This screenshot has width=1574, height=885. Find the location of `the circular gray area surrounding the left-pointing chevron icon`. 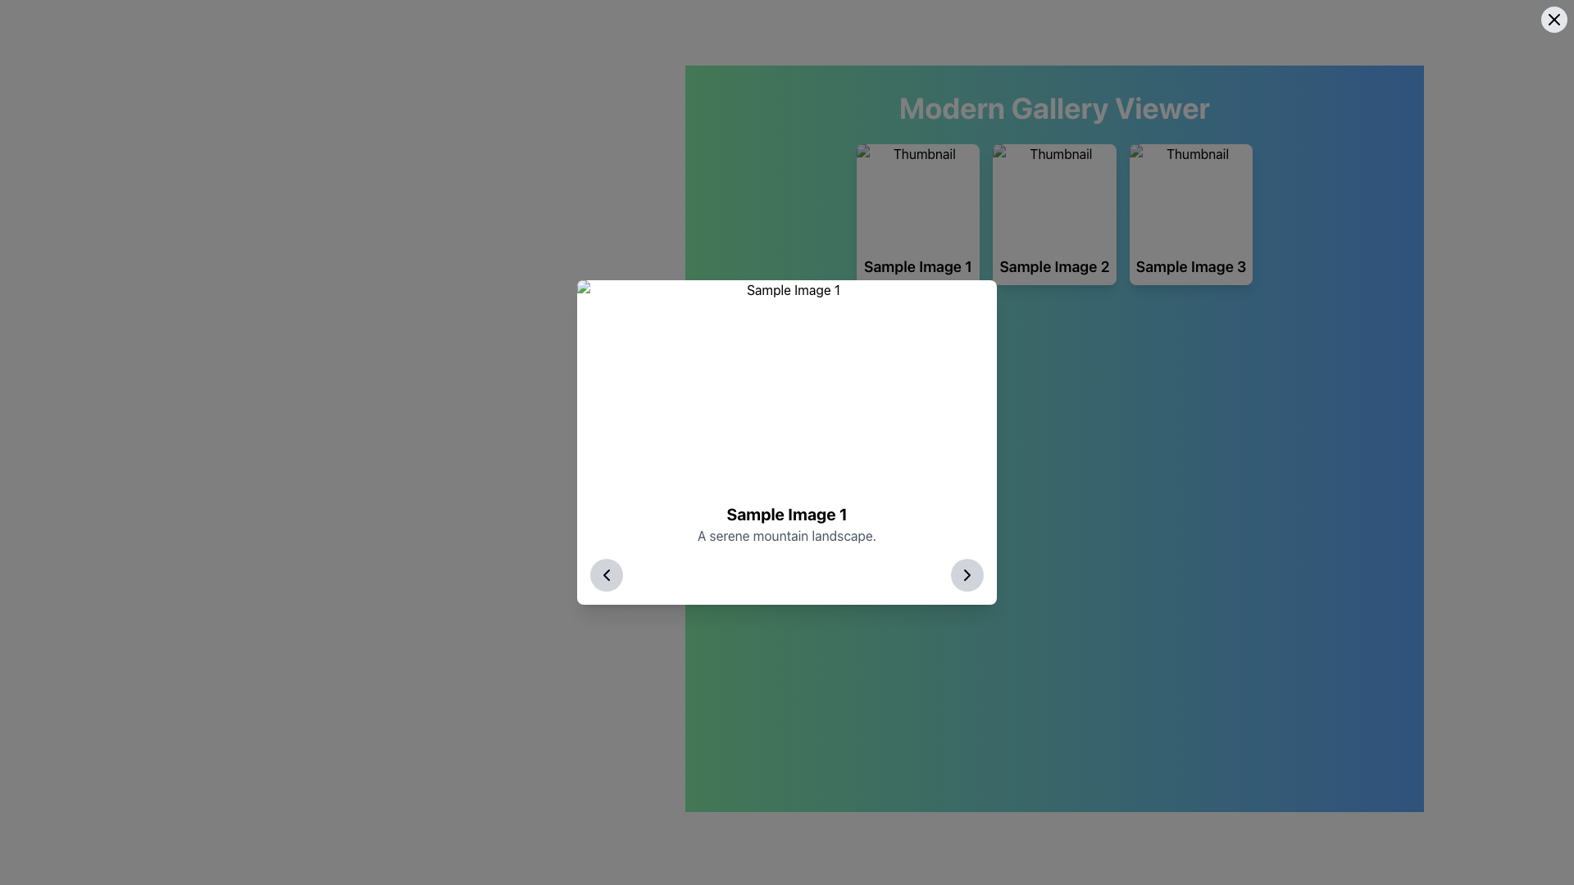

the circular gray area surrounding the left-pointing chevron icon is located at coordinates (605, 574).